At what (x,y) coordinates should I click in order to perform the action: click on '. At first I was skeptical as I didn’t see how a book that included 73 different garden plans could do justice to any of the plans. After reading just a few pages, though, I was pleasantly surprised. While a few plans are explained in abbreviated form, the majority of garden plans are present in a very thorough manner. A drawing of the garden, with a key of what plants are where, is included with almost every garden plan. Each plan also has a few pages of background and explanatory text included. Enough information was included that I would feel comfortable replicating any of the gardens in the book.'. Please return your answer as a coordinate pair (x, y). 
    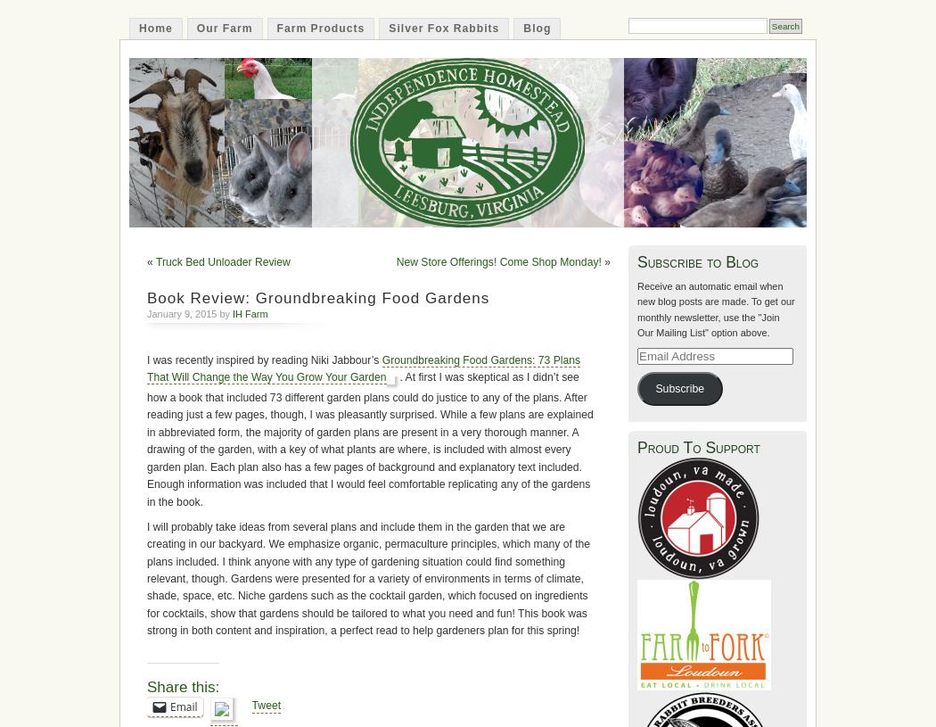
    Looking at the image, I should click on (368, 439).